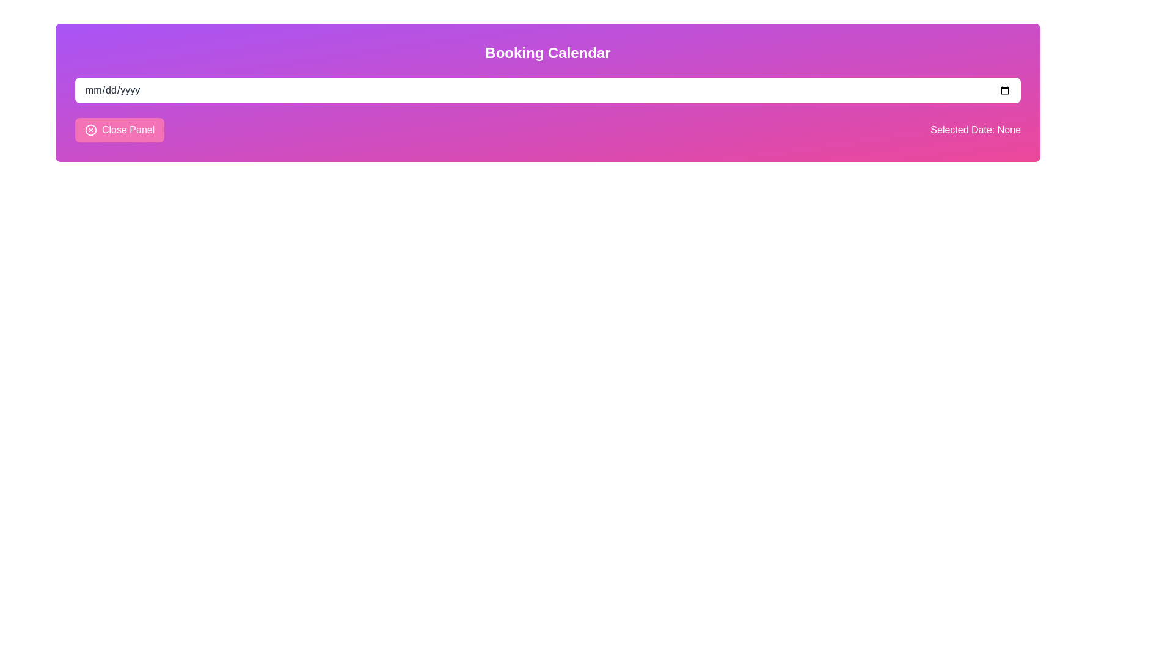 The image size is (1173, 660). I want to click on the SVG Circle element which is part of the 'Close Panel' button located at the bottom-left corner of the interface, so click(90, 130).